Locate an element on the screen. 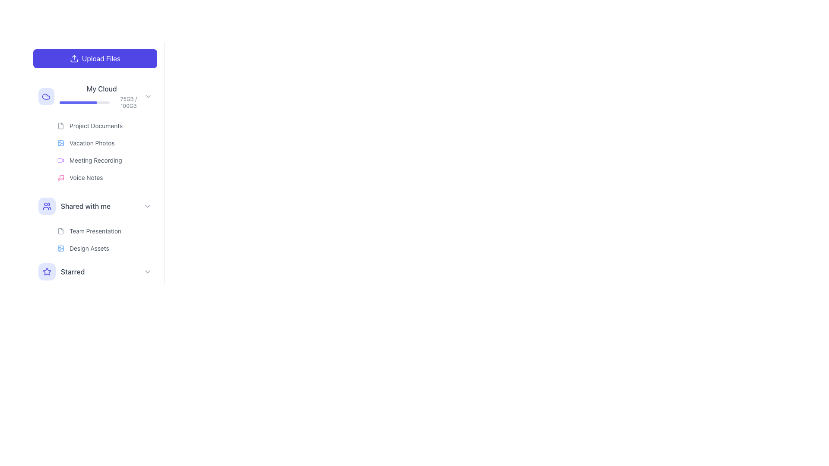  the 'Project Documents' menu item, which consists of a document file icon and the text label in small gray font is located at coordinates (90, 126).